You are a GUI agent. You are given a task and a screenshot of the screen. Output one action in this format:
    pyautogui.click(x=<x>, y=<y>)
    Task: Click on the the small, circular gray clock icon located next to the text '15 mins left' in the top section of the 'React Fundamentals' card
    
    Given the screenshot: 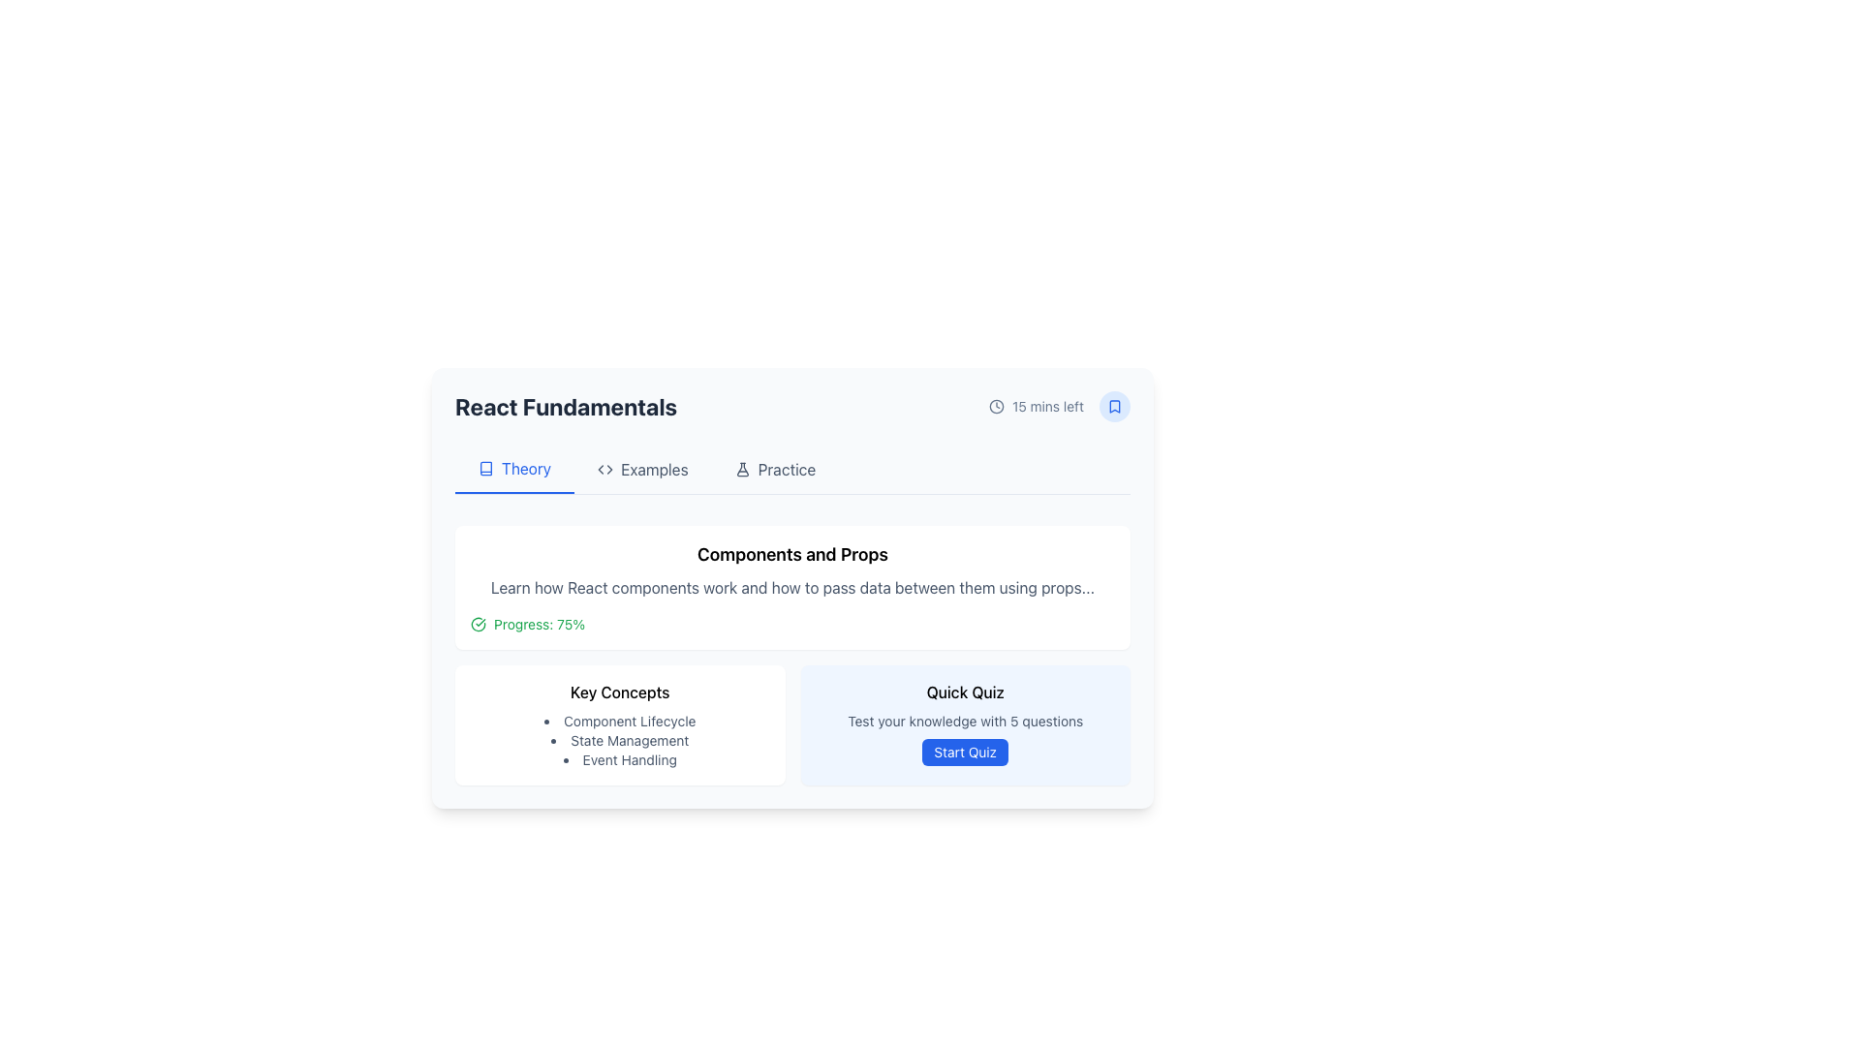 What is the action you would take?
    pyautogui.click(x=996, y=406)
    